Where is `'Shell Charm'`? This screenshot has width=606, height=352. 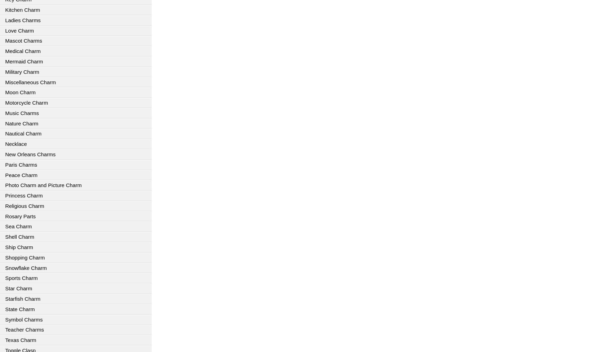 'Shell Charm' is located at coordinates (5, 236).